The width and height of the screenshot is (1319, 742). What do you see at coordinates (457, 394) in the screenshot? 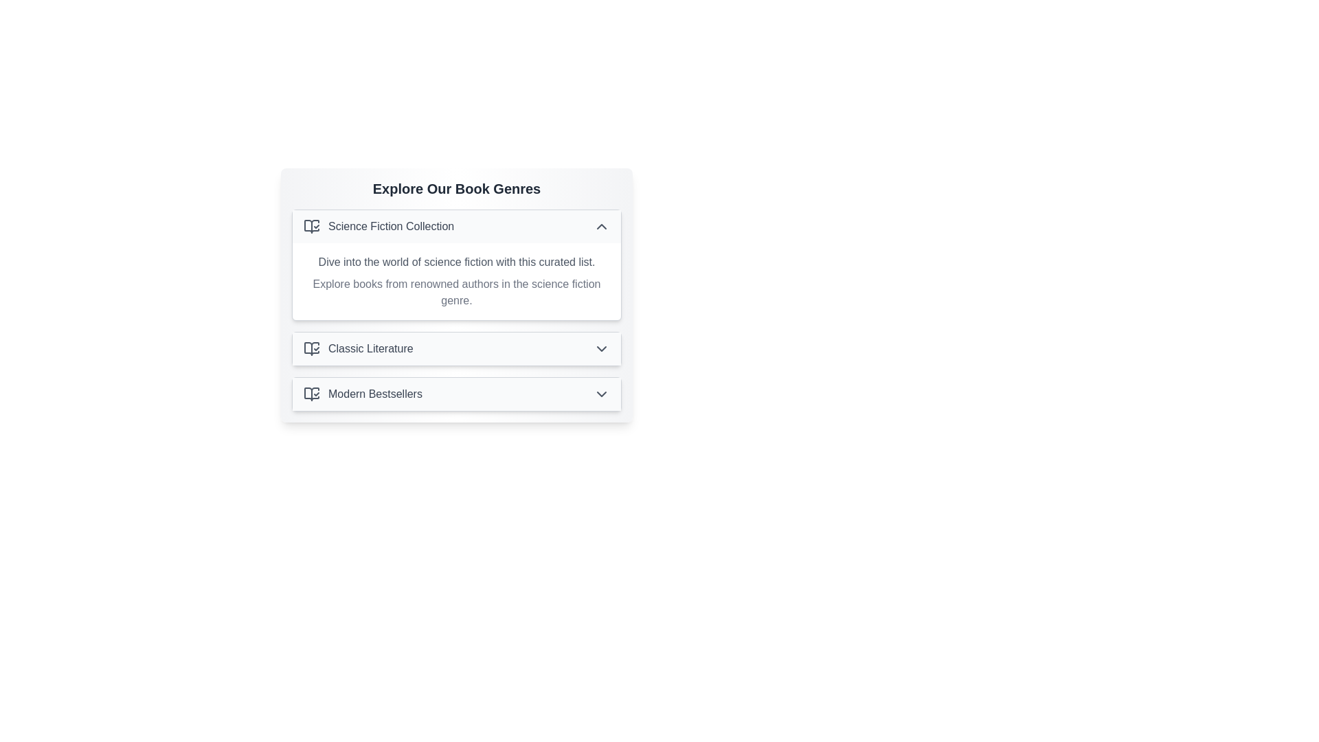
I see `the last item in the vertical list, which is the CollapsibleHeader for the 'Modern Bestsellers' section, to trigger hover effects` at bounding box center [457, 394].